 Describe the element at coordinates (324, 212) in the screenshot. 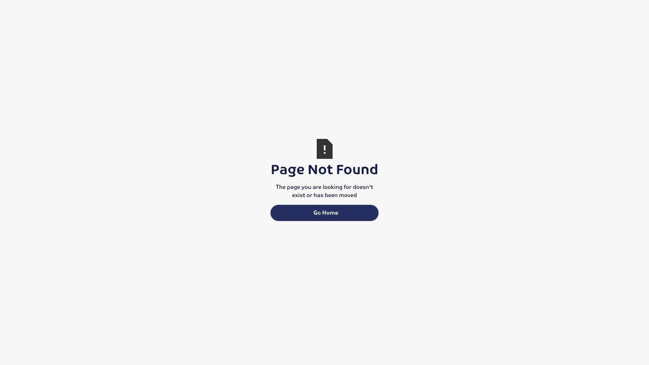

I see `'Go Home'` at that location.